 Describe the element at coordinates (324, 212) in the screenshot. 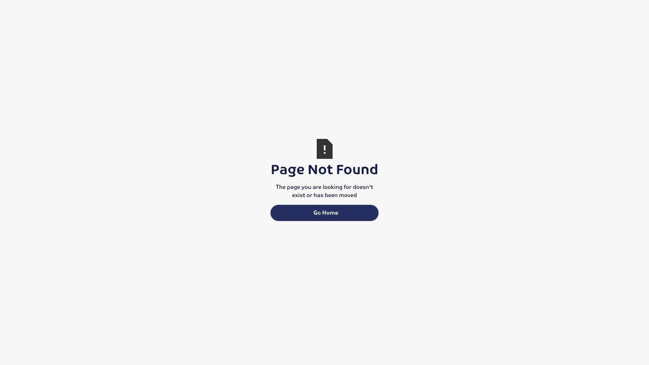

I see `'Go Home'` at that location.